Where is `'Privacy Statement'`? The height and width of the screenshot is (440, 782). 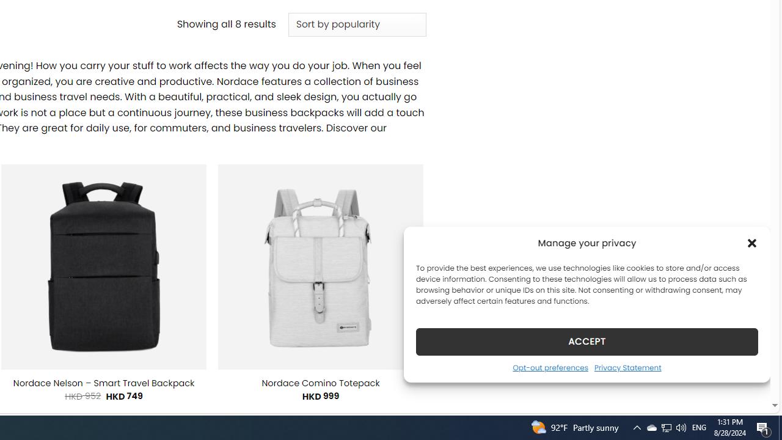 'Privacy Statement' is located at coordinates (627, 367).